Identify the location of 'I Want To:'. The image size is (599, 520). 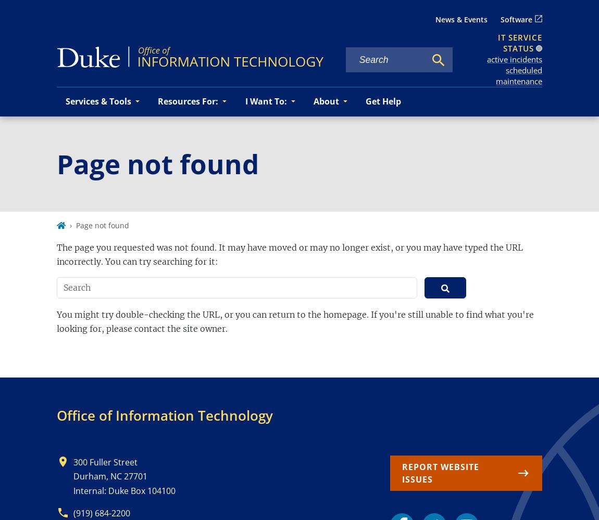
(266, 101).